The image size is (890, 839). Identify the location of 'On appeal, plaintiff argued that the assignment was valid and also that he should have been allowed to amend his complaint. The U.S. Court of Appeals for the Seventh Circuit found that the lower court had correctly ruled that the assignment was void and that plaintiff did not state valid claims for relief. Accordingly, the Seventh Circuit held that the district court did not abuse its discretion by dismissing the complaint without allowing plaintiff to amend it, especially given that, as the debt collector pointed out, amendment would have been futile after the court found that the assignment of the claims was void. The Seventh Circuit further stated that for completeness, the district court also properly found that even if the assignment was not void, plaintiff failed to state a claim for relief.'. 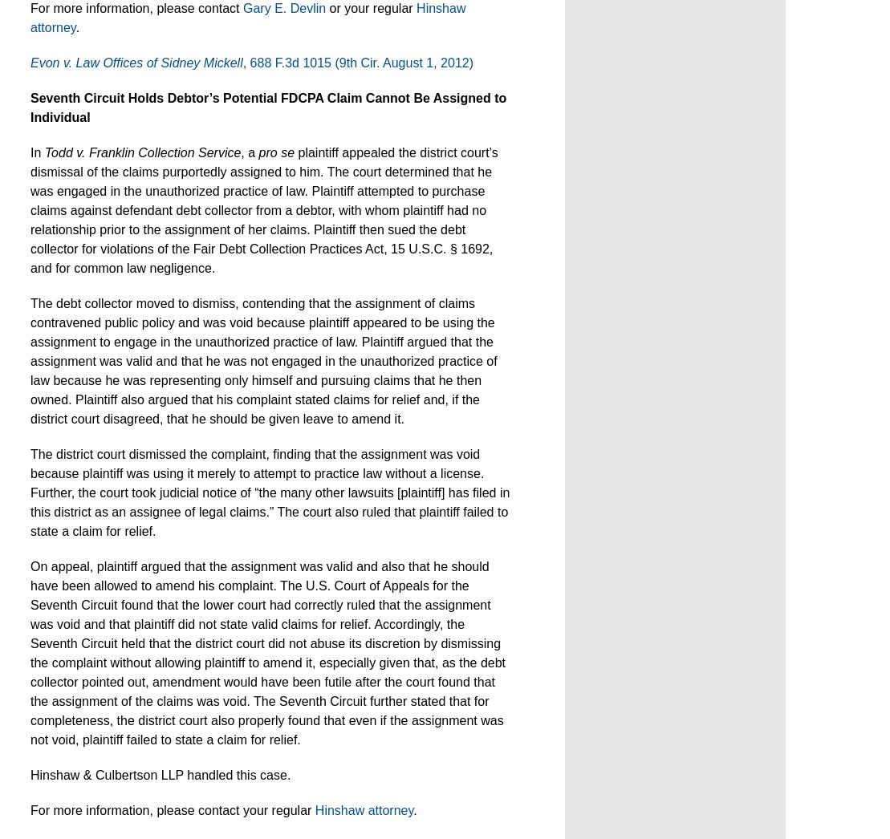
(268, 653).